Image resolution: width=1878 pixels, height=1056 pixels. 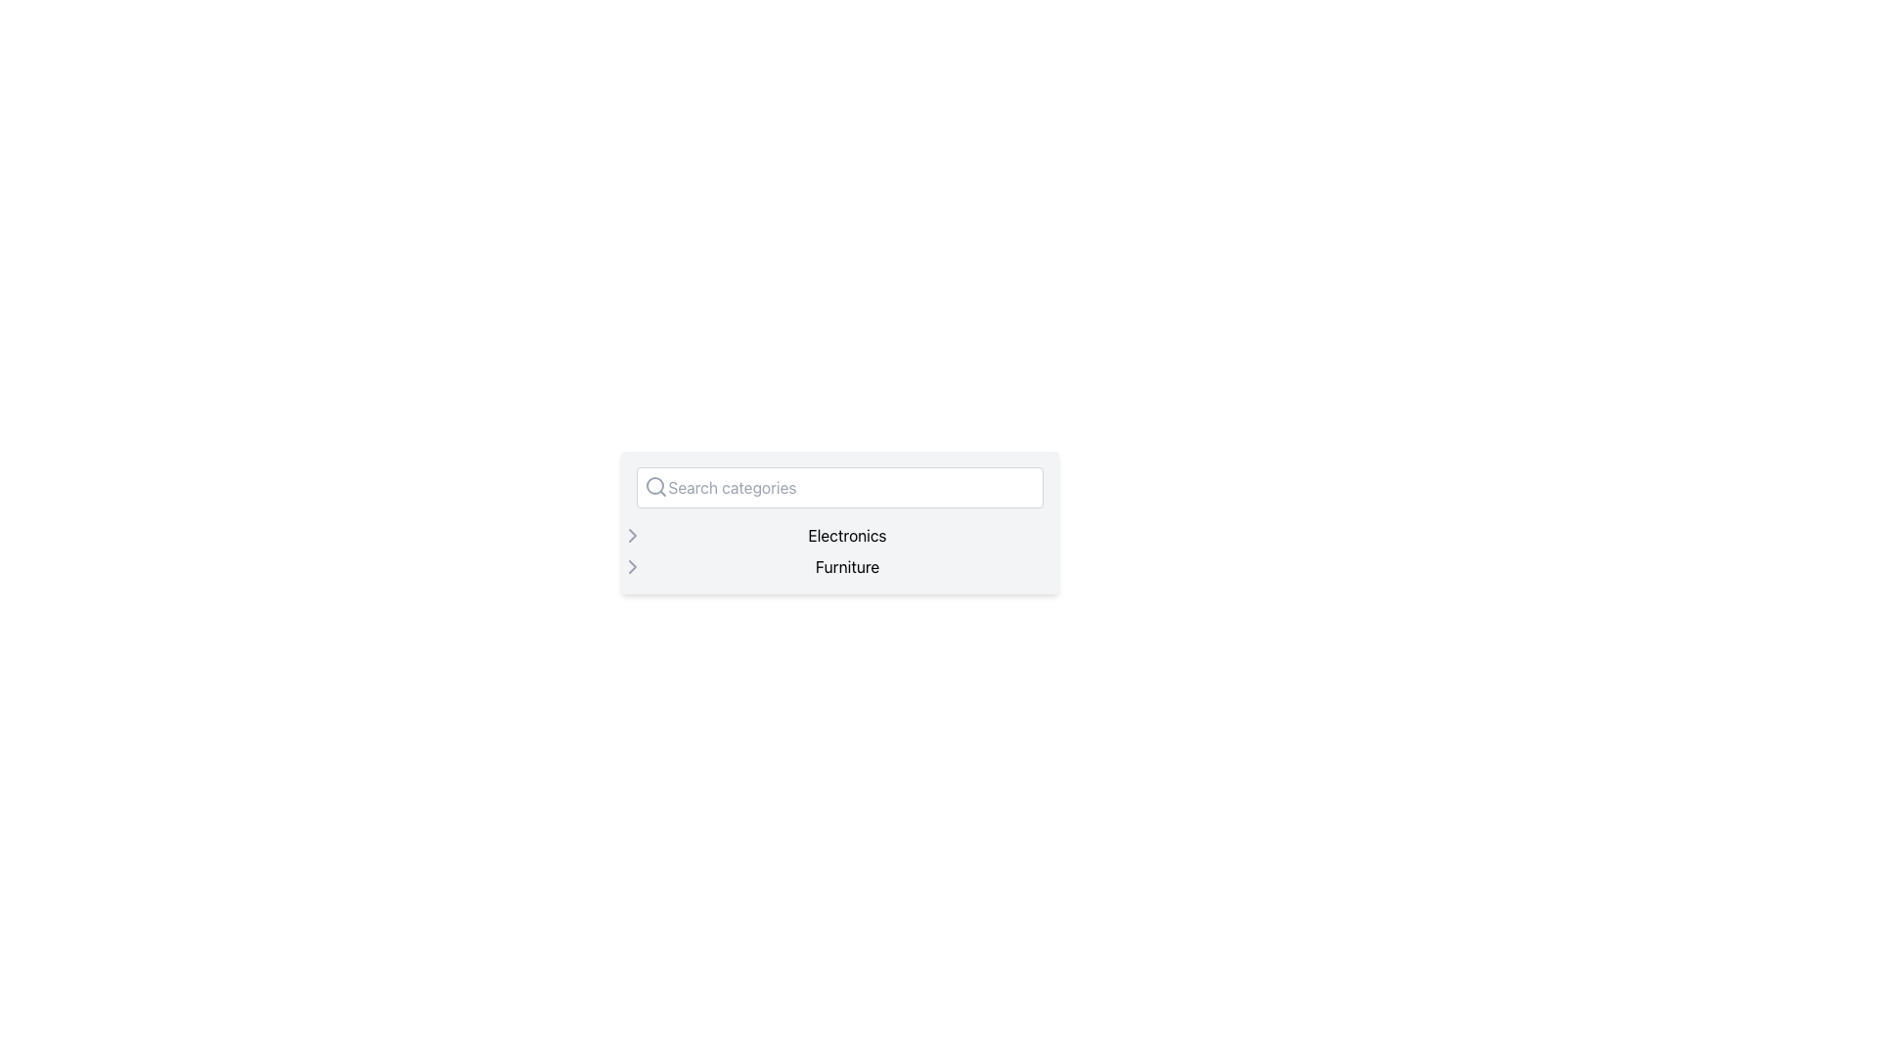 I want to click on the magnifying glass icon, which is styled in gray and positioned to the left of the search input field labeled 'Search categories', so click(x=655, y=485).